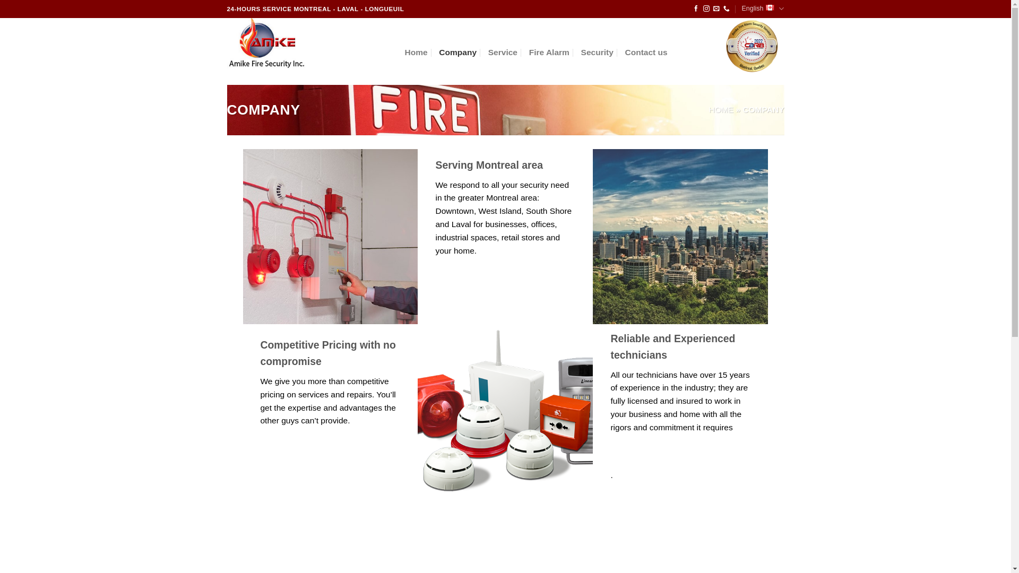  I want to click on 'Contact us', so click(646, 52).